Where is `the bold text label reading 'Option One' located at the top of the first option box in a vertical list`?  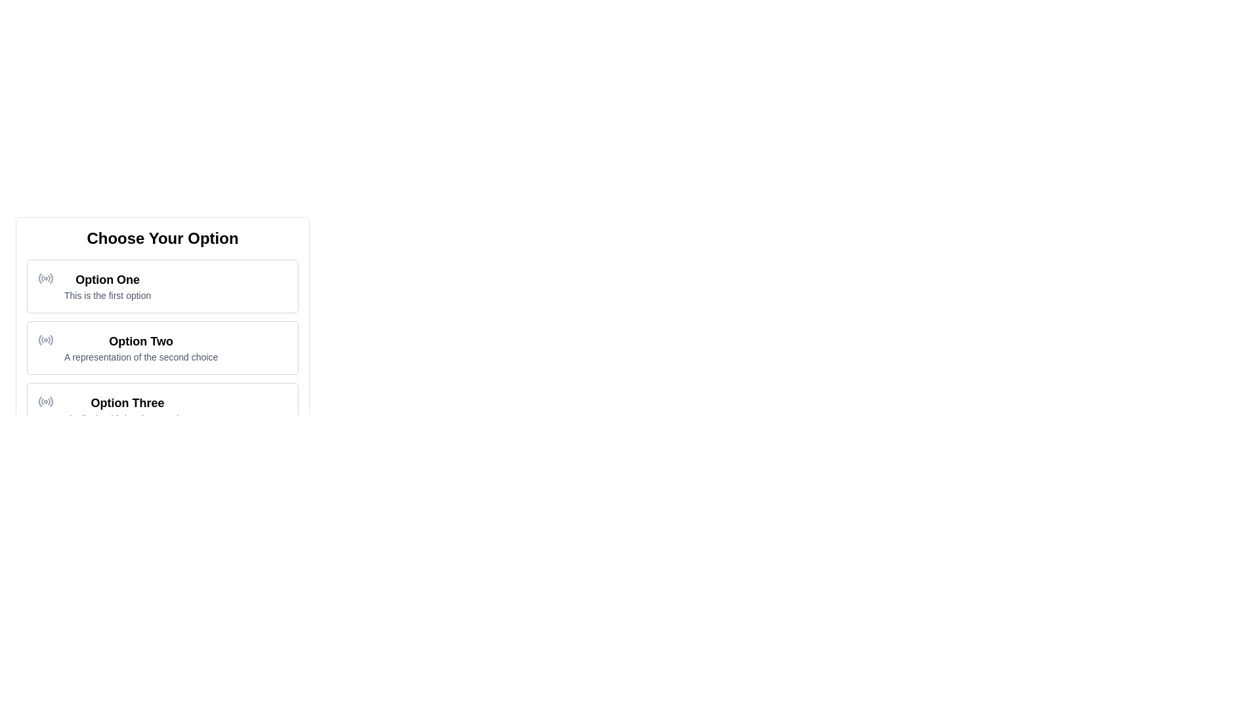 the bold text label reading 'Option One' located at the top of the first option box in a vertical list is located at coordinates (108, 279).